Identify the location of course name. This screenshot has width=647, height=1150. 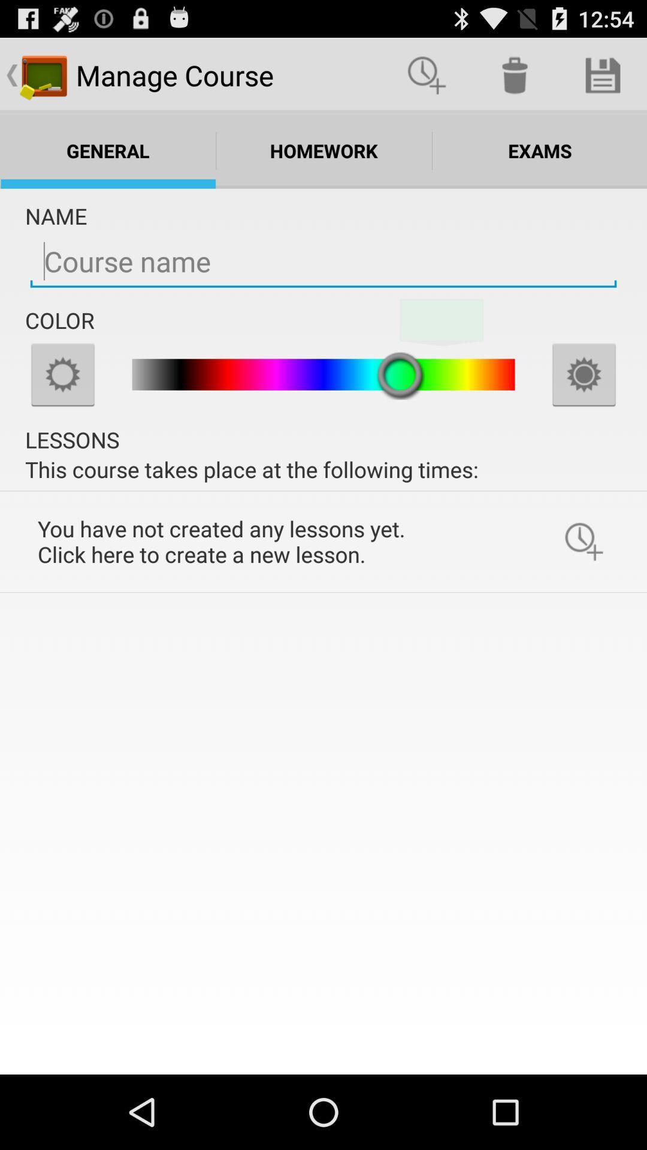
(323, 261).